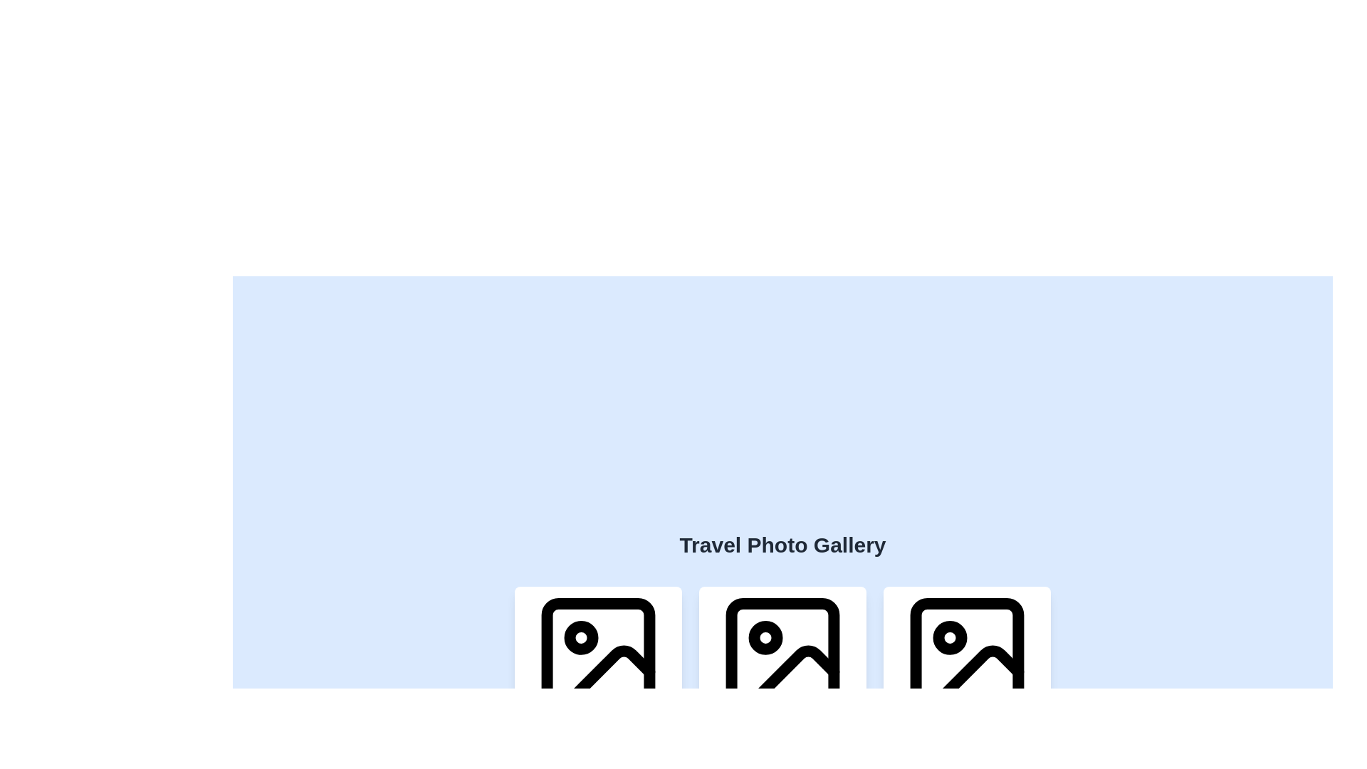 This screenshot has height=769, width=1367. I want to click on the decorative circle element within the SVG graphic that represents the second image icon in the 'Travel Photo Gallery', so click(765, 637).